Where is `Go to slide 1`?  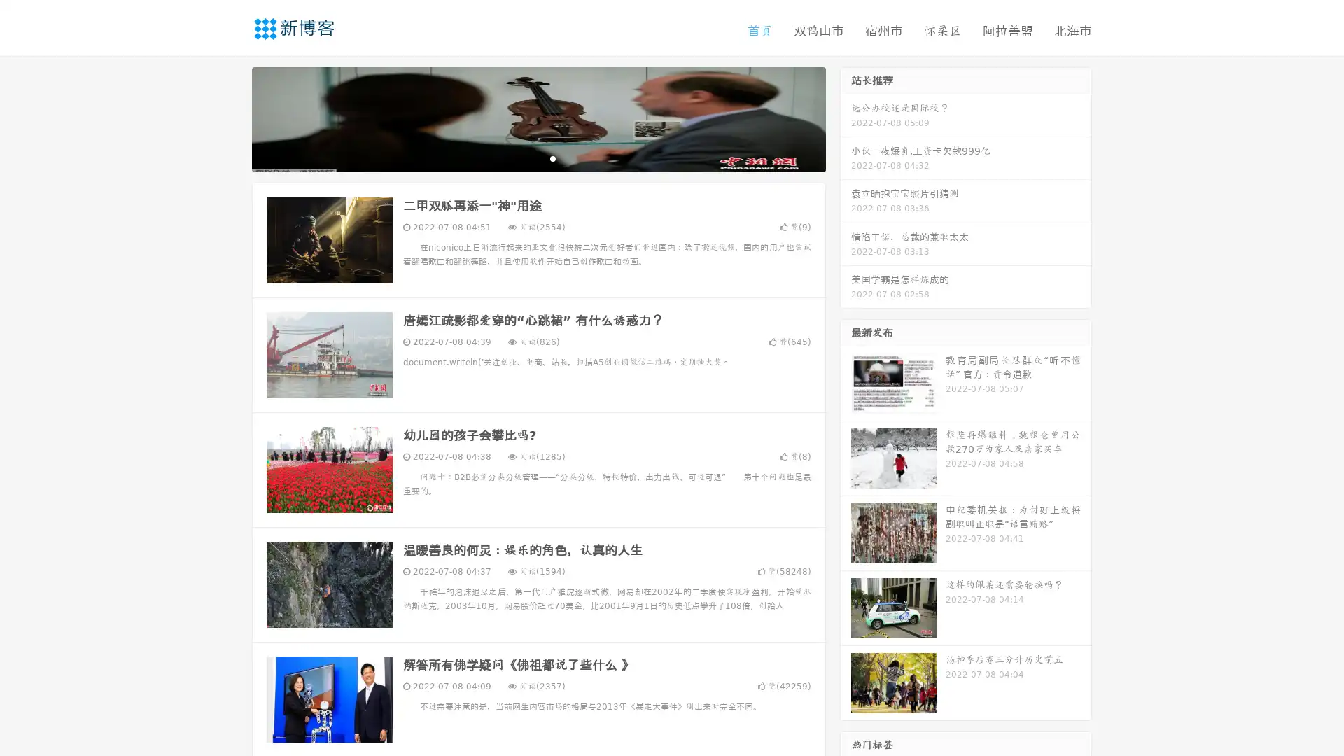 Go to slide 1 is located at coordinates (524, 157).